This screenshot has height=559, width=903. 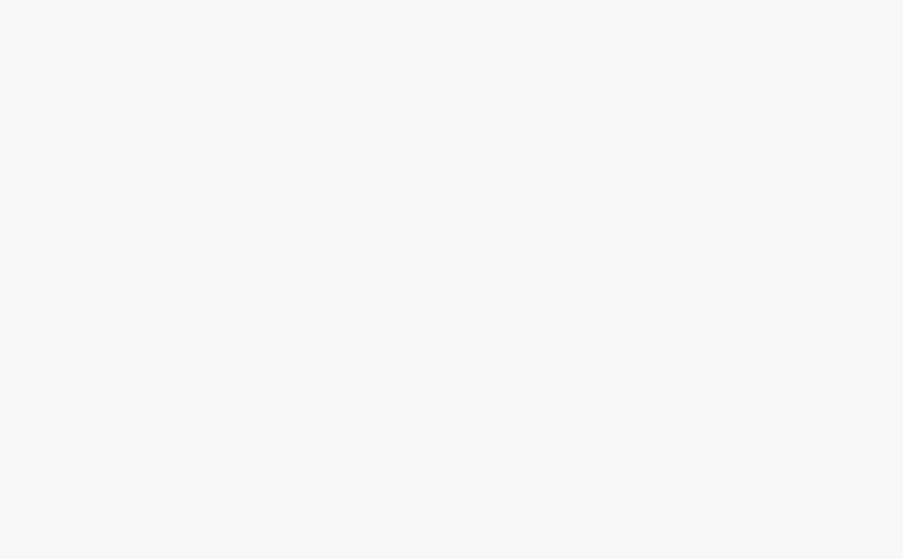 I want to click on 'You may like these posts', so click(x=199, y=61).